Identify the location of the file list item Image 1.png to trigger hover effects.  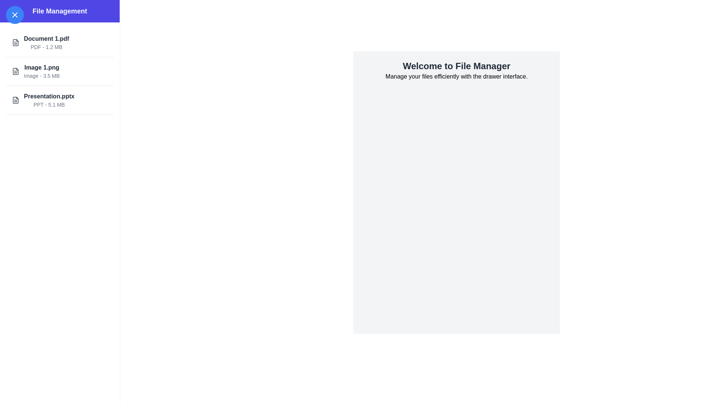
(59, 71).